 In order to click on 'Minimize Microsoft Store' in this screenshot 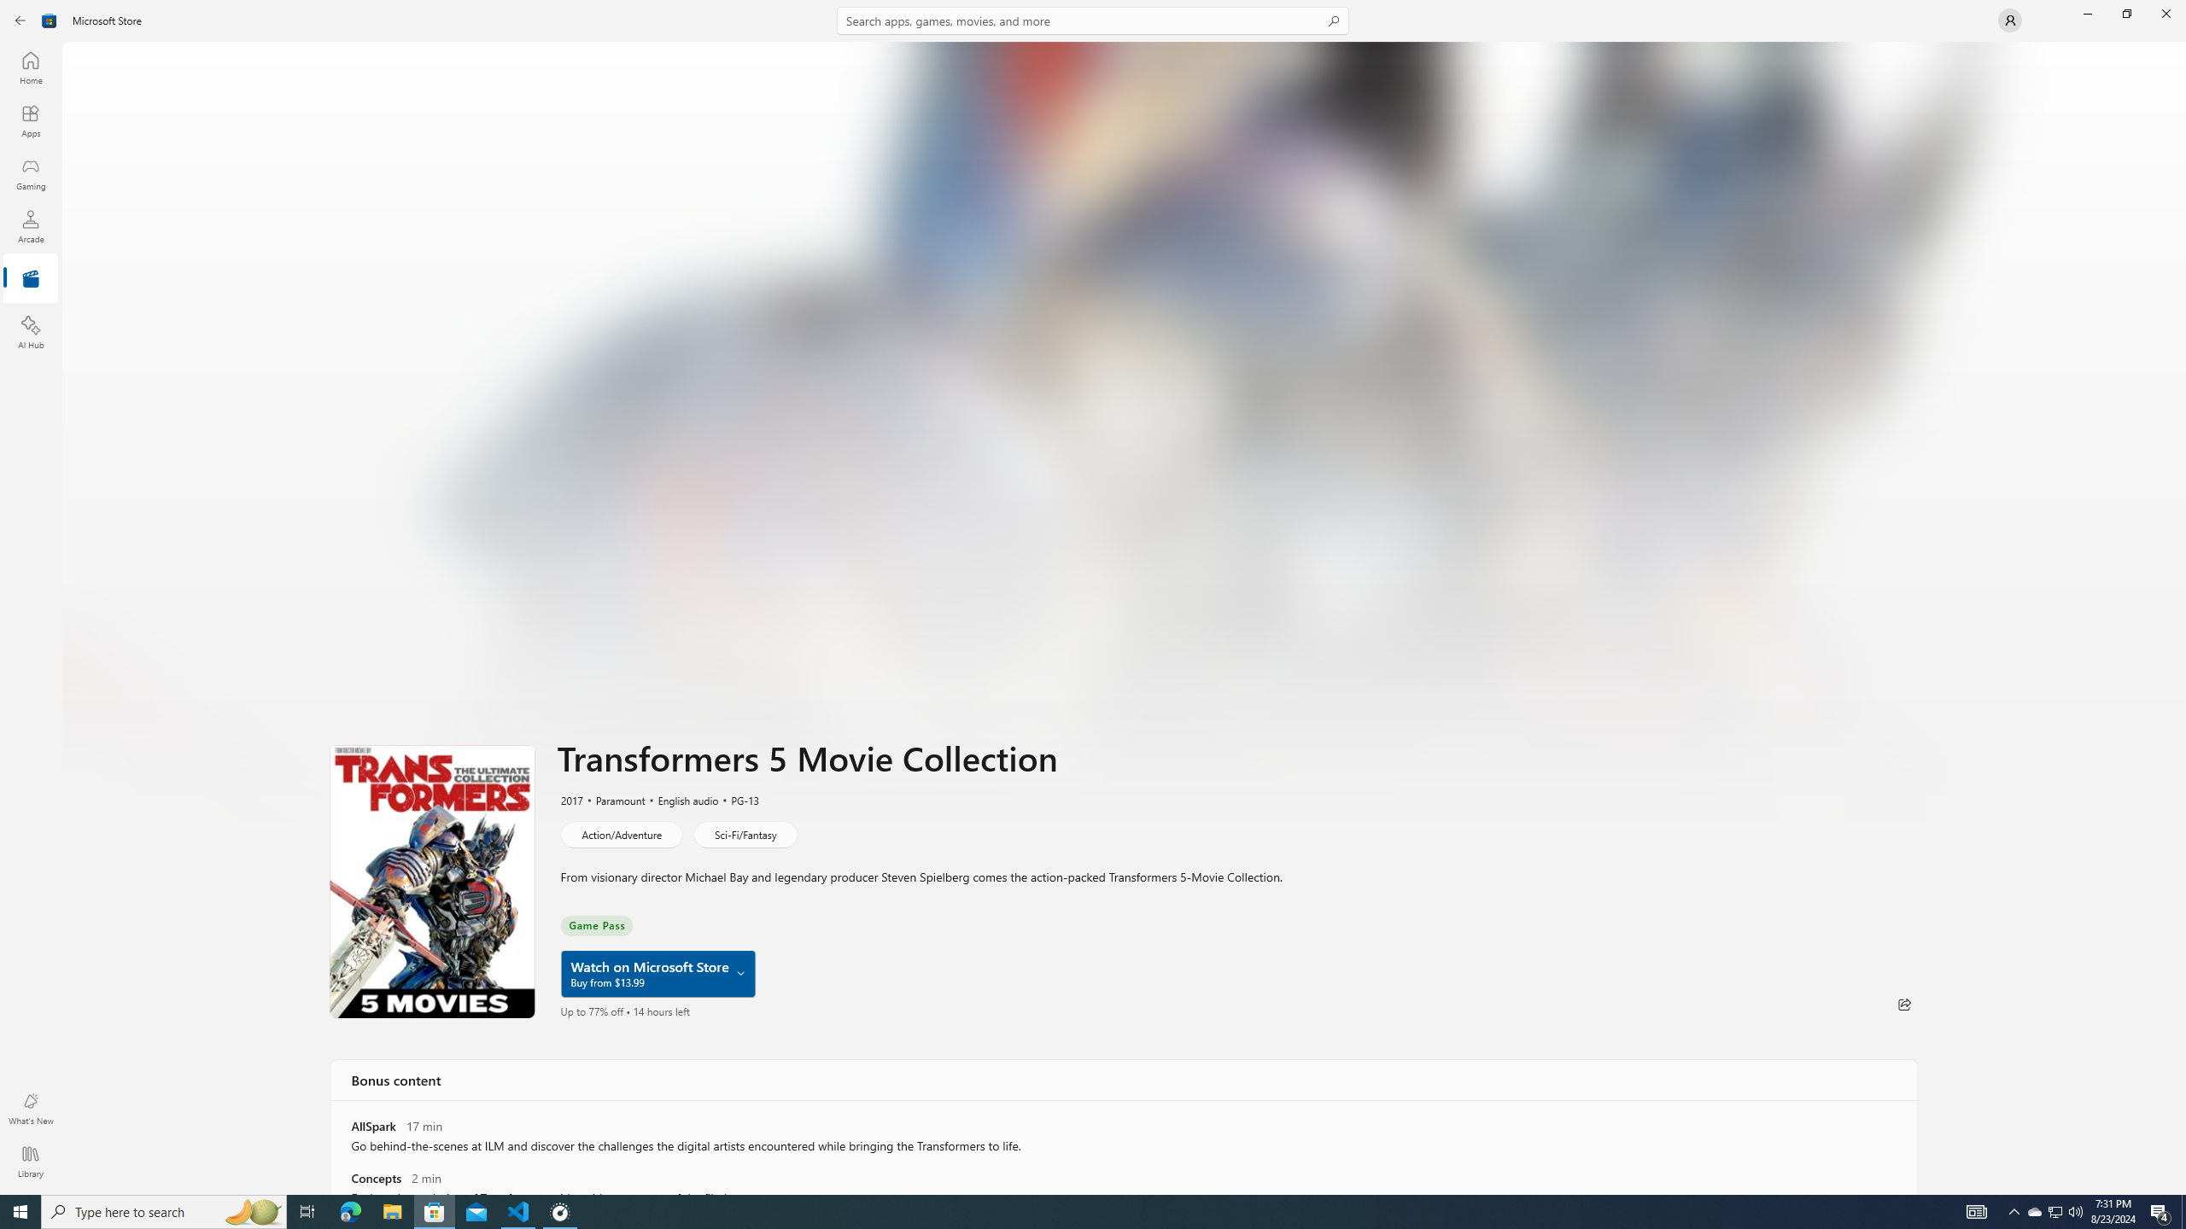, I will do `click(2086, 13)`.